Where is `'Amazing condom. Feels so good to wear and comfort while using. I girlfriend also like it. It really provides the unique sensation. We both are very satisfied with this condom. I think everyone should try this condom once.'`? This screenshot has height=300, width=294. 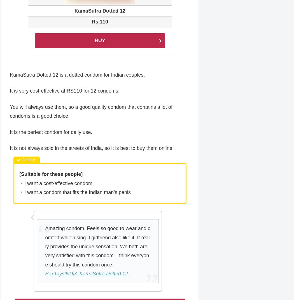
'Amazing condom. Feels so good to wear and comfort while using. I girlfriend also like it. It really provides the unique sensation. We both are very satisfied with this condom. I think everyone should try this condom once.' is located at coordinates (97, 247).